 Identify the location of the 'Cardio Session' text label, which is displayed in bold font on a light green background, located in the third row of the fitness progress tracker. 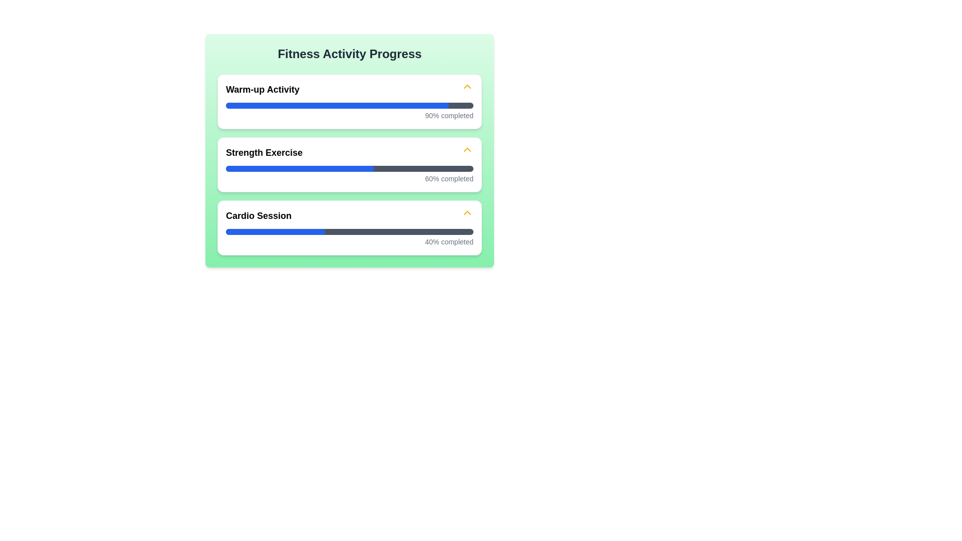
(259, 215).